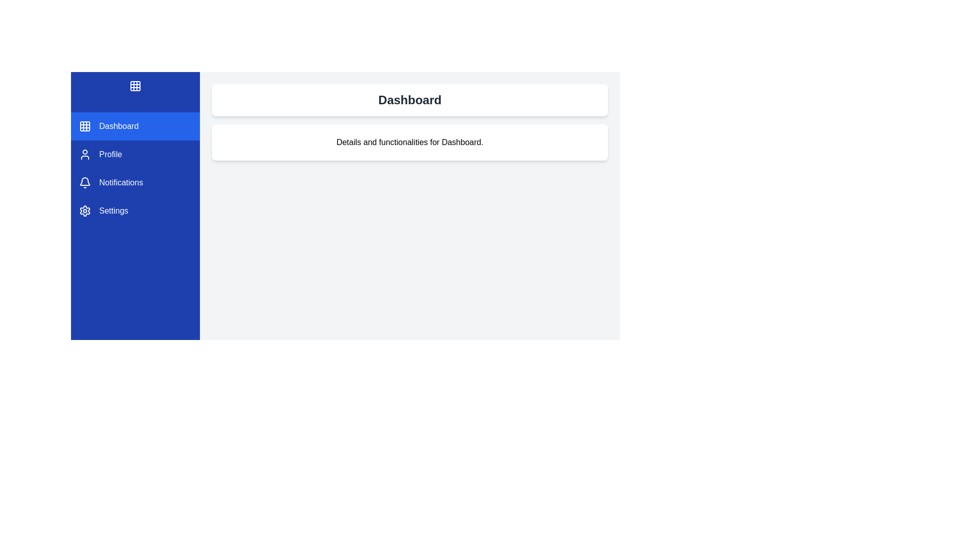 Image resolution: width=967 pixels, height=544 pixels. Describe the element at coordinates (113, 211) in the screenshot. I see `text label 'Settings' which is styled with white text on a blue background in the sidebar navigation menu, located below 'Notifications' and above 'Logout'` at that location.